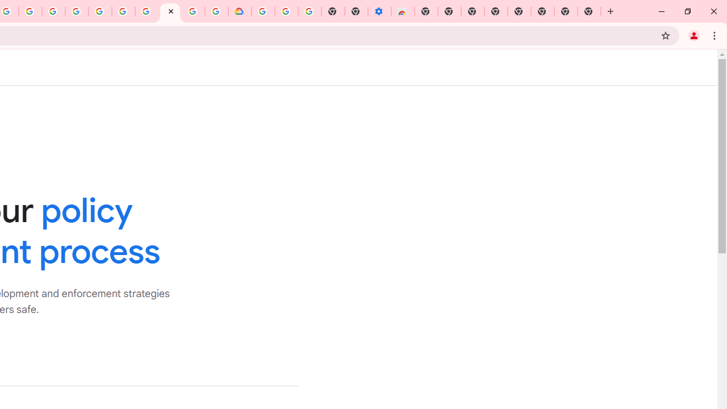 The height and width of the screenshot is (409, 727). I want to click on 'Ad Settings', so click(76, 11).